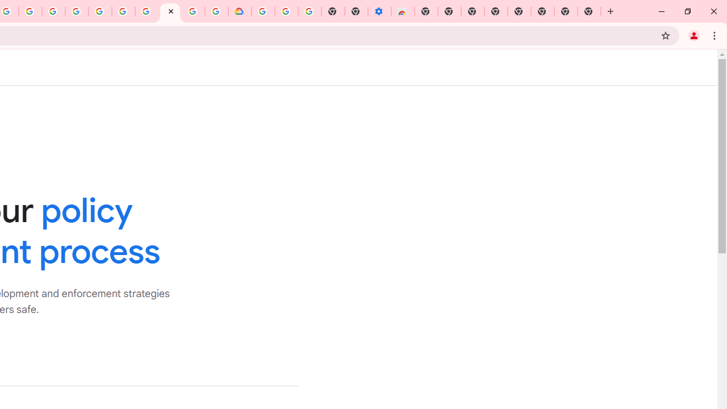 The height and width of the screenshot is (409, 727). I want to click on 'Ad Settings', so click(76, 11).